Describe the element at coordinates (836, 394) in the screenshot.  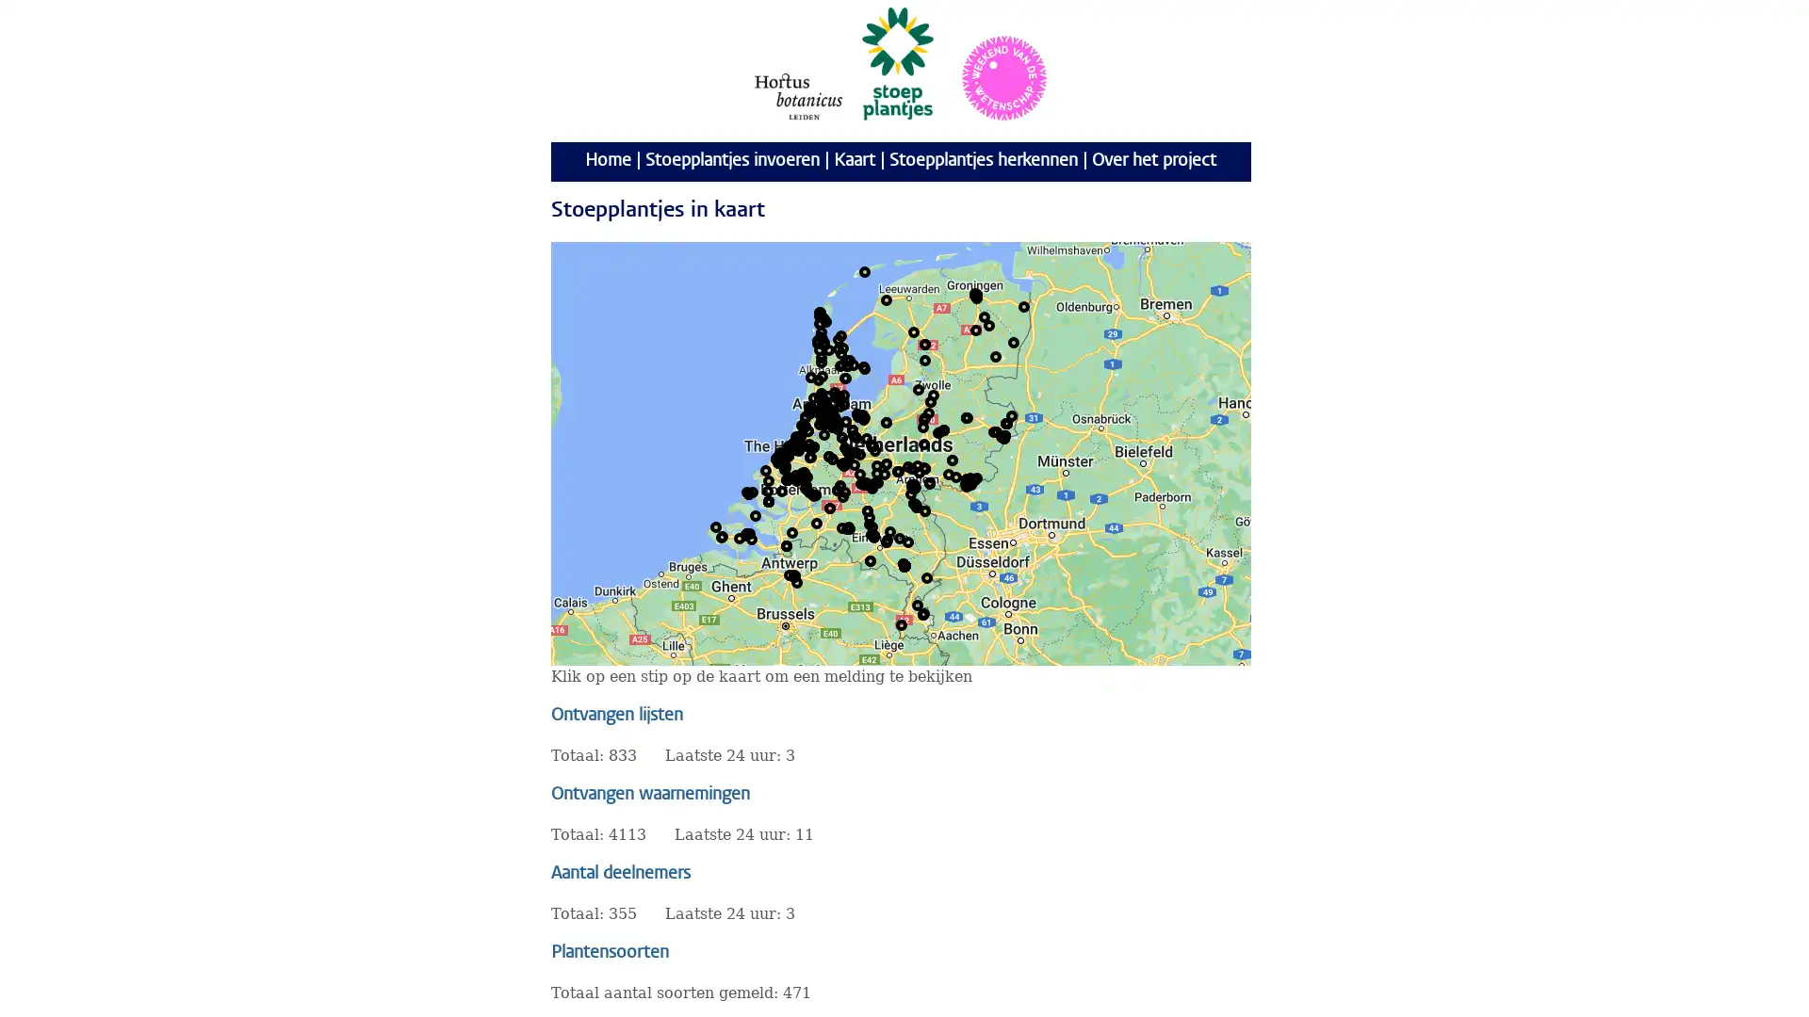
I see `Telling van Anna op 30 mei 2022` at that location.